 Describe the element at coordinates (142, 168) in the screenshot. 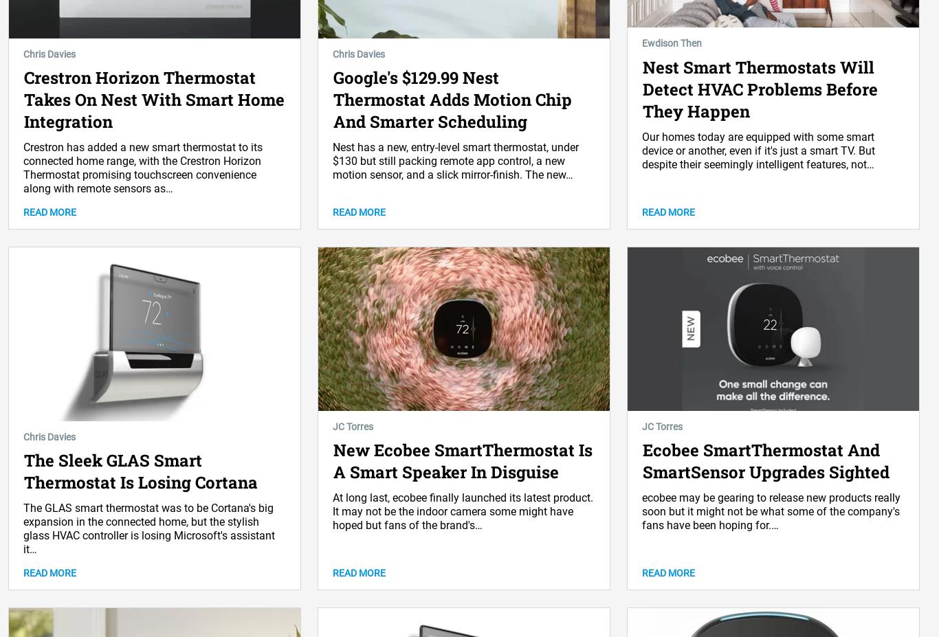

I see `'Crestron has added a new smart thermostat to its connected home range, with the Crestron Horizon Thermostat promising touchscreen convenience along with remote sensors as…'` at that location.